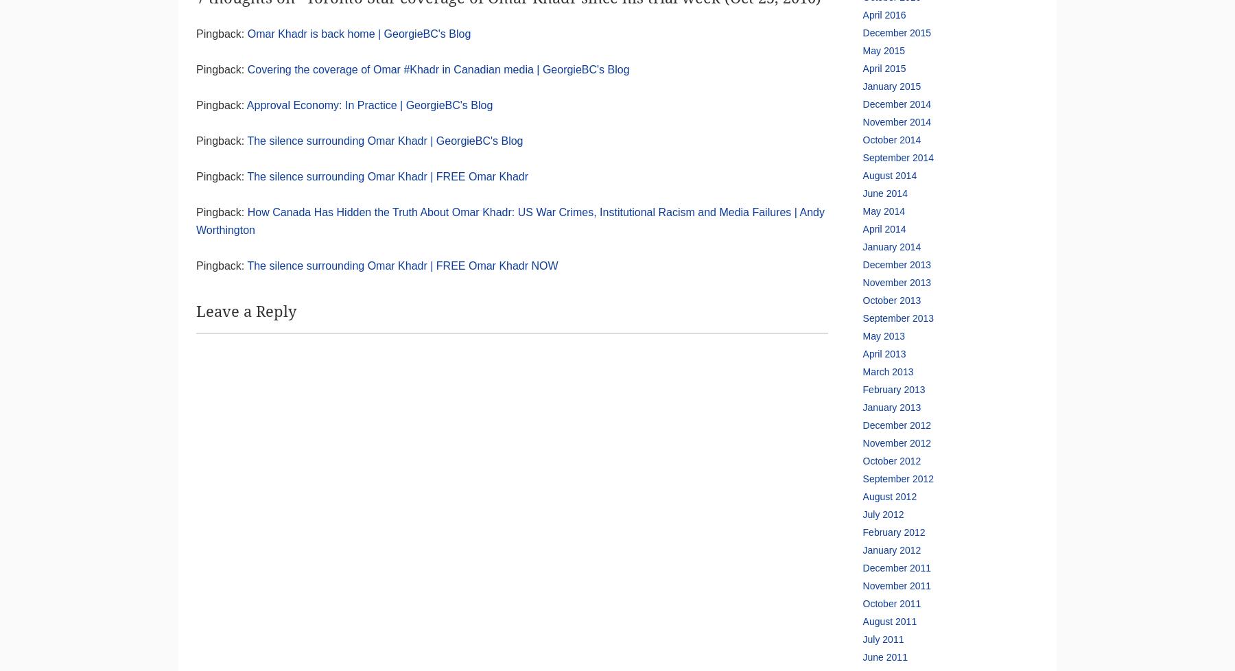 This screenshot has height=671, width=1235. What do you see at coordinates (891, 300) in the screenshot?
I see `'October 2013'` at bounding box center [891, 300].